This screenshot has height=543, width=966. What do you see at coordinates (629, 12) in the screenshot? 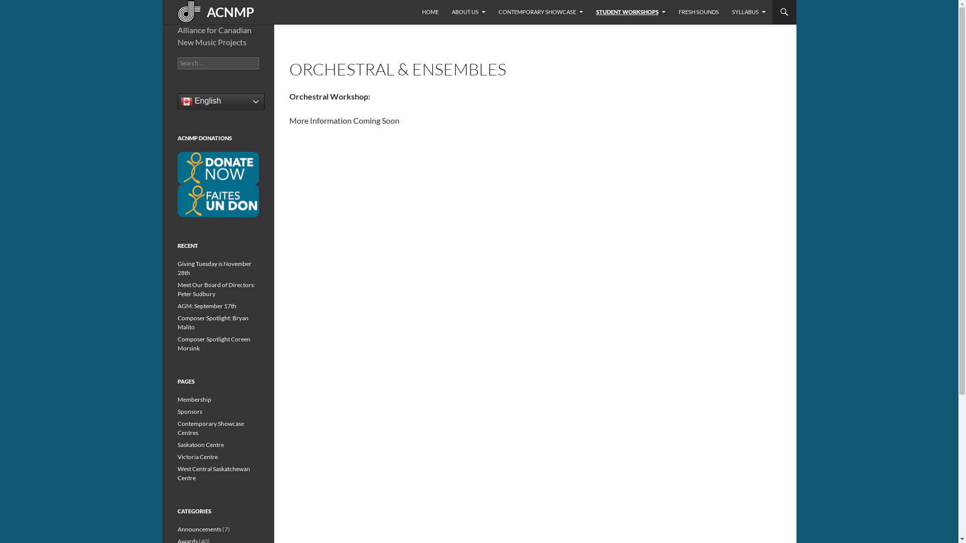
I see `'STUDENT WORKSHOPS'` at bounding box center [629, 12].